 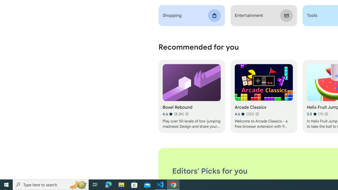 What do you see at coordinates (173, 184) in the screenshot?
I see `'Google Chrome - 1 running window'` at bounding box center [173, 184].